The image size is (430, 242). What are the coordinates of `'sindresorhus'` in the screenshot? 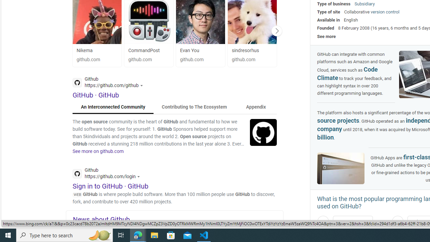 It's located at (245, 50).